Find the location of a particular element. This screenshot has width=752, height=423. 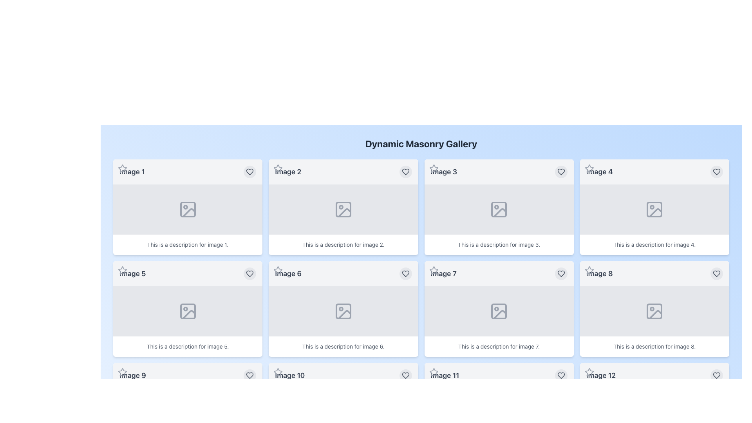

the heart icon located in the top-right corner of the card associated with 'Image 1' to mark it as a favorite is located at coordinates (249, 172).